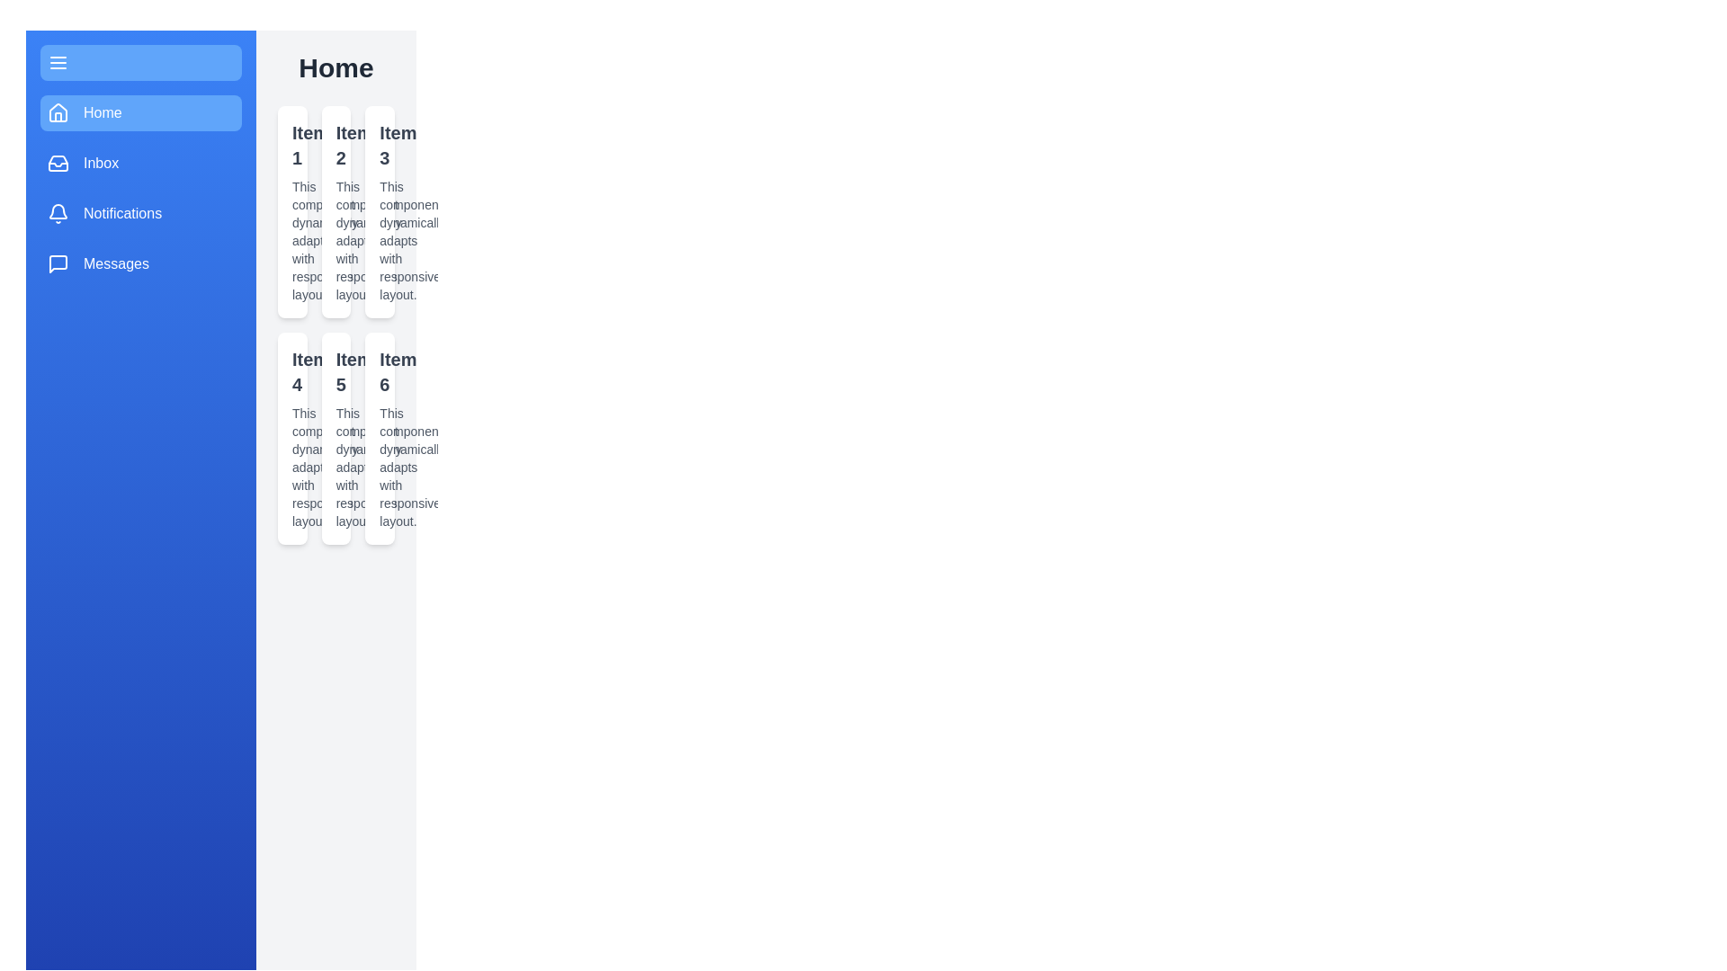  What do you see at coordinates (140, 263) in the screenshot?
I see `the 'Messages' navigation menu item, which features a speech bubble icon and white text on a blue background` at bounding box center [140, 263].